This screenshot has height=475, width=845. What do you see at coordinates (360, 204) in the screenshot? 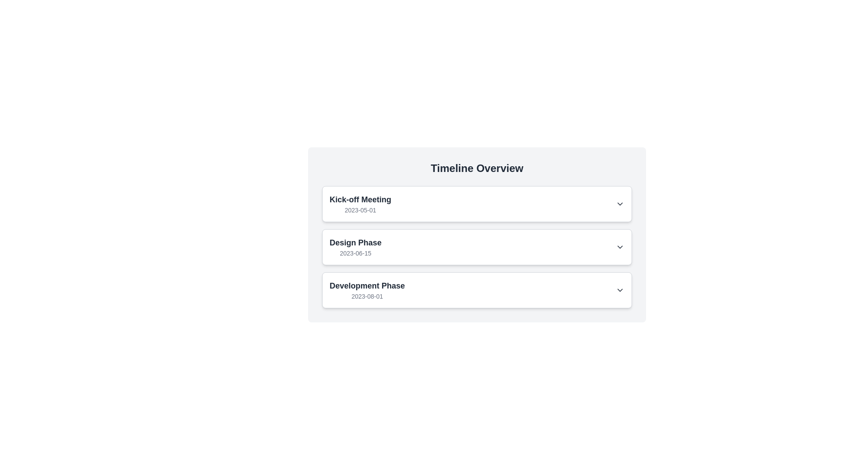
I see `static text label displaying the title 'Kick-off Meeting' and the subtitle '2023-05-01', located at the top of the 'Timeline Overview' section` at bounding box center [360, 204].